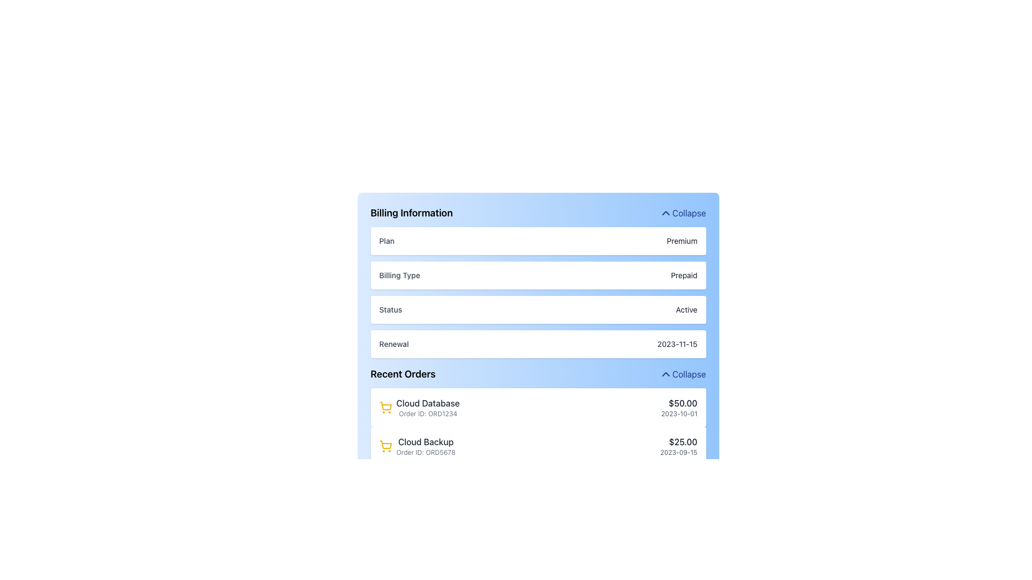  Describe the element at coordinates (390, 310) in the screenshot. I see `the Text label that indicates the current account status, located within the 'Billing Information' area, to the left of the 'Active' text label` at that location.